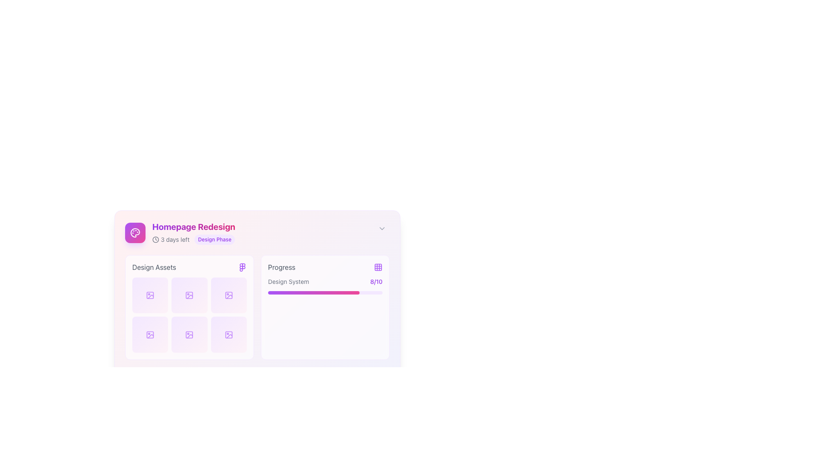 This screenshot has height=459, width=817. I want to click on the Information display element that shows project metadata for the 'Homepage Redesign' project, so click(193, 239).